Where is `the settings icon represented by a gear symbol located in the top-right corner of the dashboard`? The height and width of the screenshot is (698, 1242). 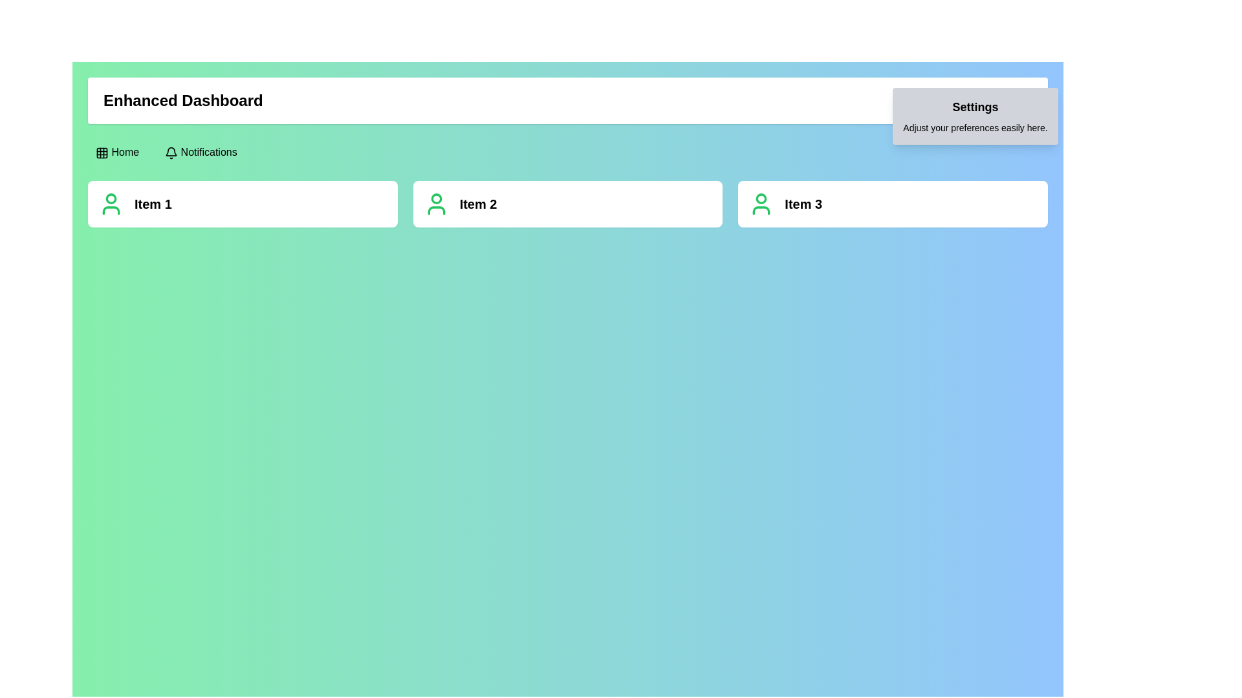 the settings icon represented by a gear symbol located in the top-right corner of the dashboard is located at coordinates (956, 100).